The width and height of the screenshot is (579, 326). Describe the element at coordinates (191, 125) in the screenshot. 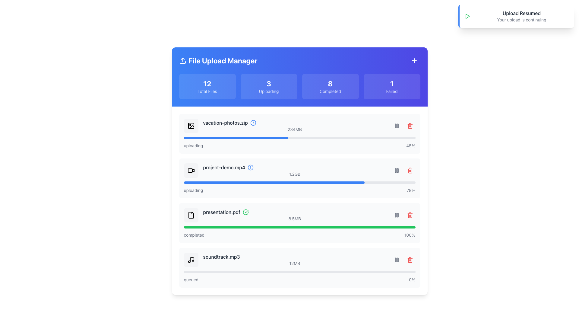

I see `the identifying icon for the file type located in the first file upload entry, aligned to the left side` at that location.